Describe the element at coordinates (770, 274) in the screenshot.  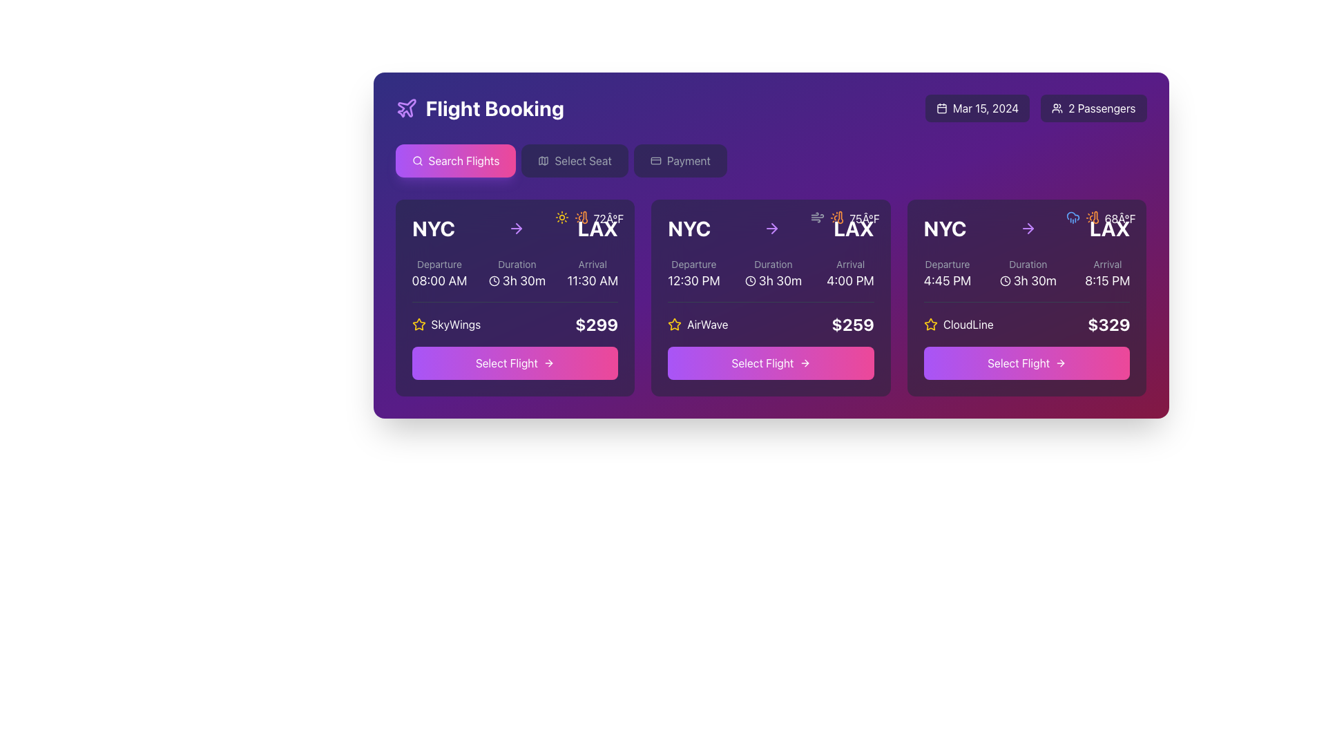
I see `the travel details displayed in the text-based informational display with a clock icon for duration, located in the middle travel option of the flight cards` at that location.